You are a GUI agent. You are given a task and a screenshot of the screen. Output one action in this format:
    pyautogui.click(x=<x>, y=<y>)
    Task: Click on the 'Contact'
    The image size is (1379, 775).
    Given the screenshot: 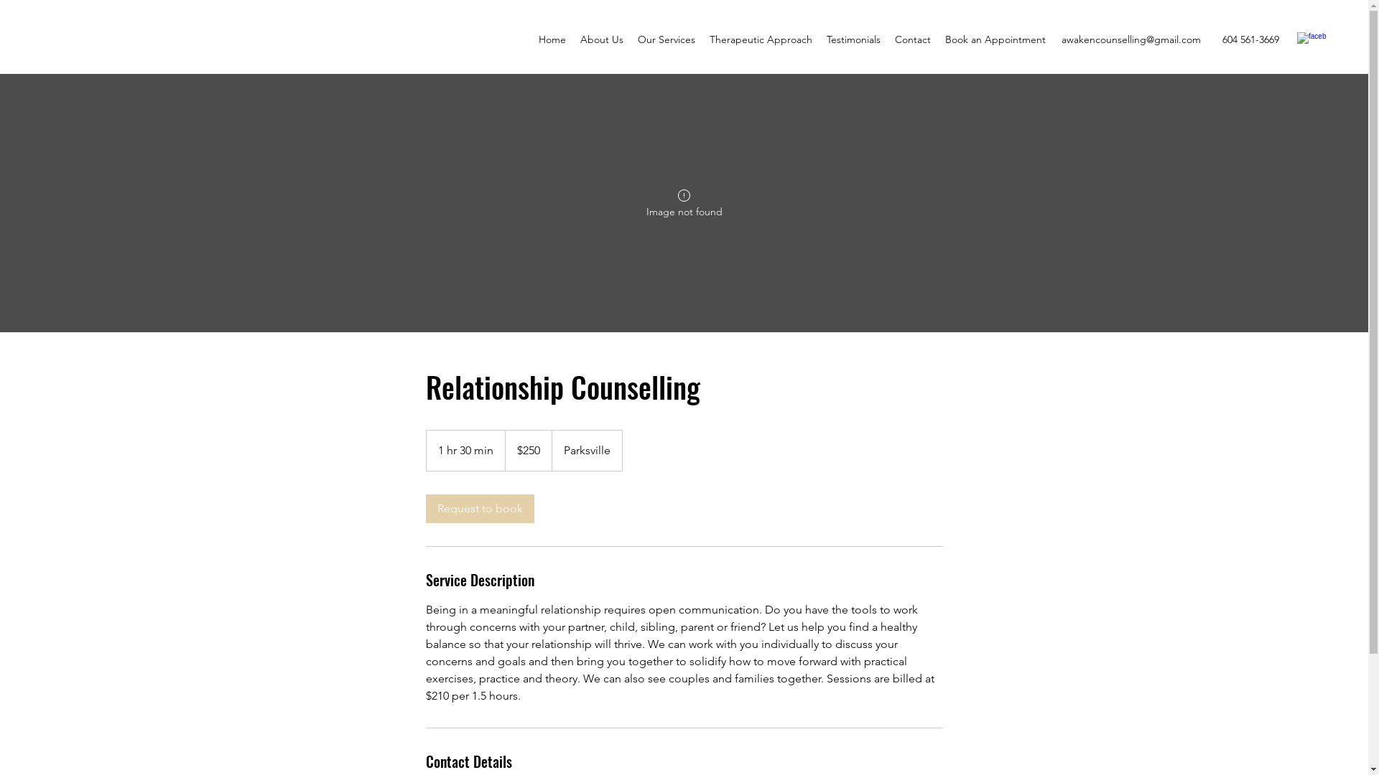 What is the action you would take?
    pyautogui.click(x=887, y=38)
    